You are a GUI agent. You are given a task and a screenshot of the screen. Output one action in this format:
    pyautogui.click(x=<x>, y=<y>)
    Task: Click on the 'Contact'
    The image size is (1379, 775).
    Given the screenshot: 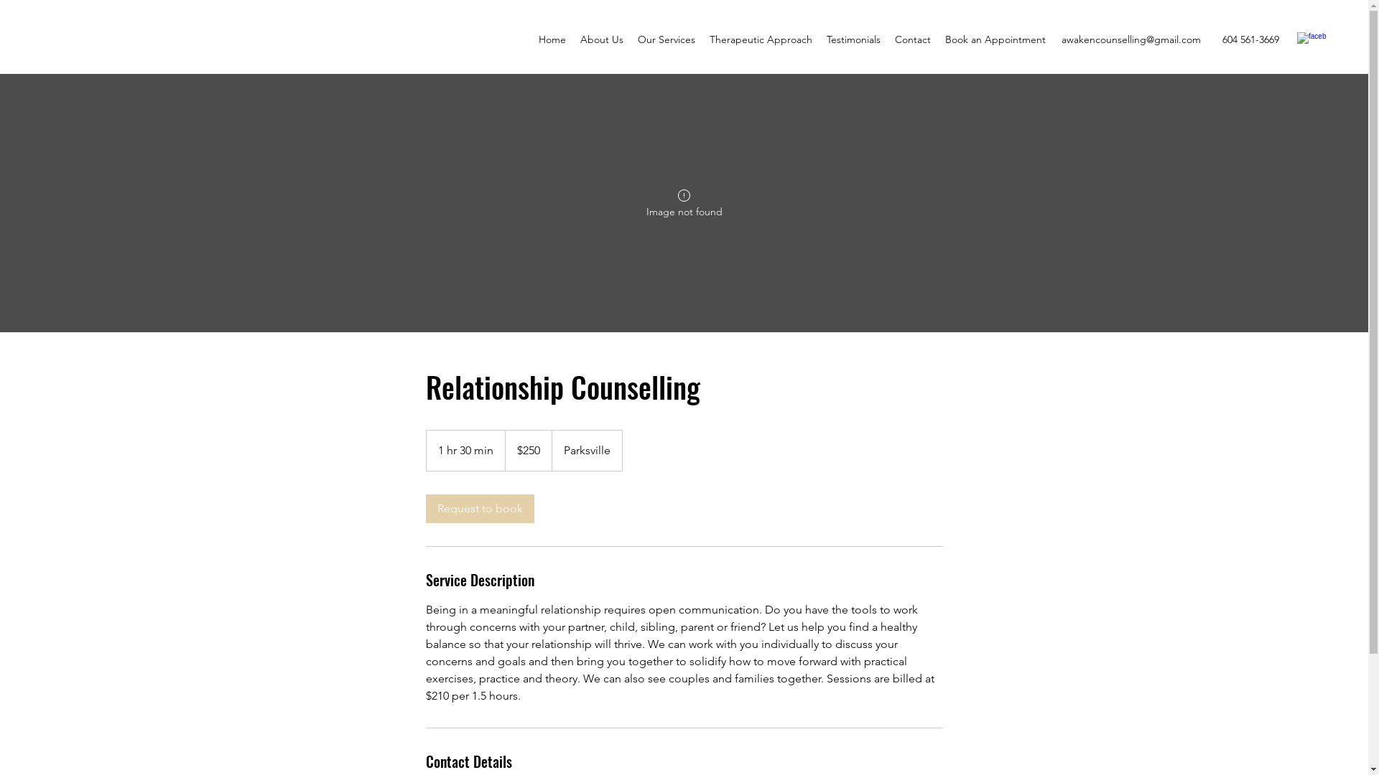 What is the action you would take?
    pyautogui.click(x=887, y=38)
    